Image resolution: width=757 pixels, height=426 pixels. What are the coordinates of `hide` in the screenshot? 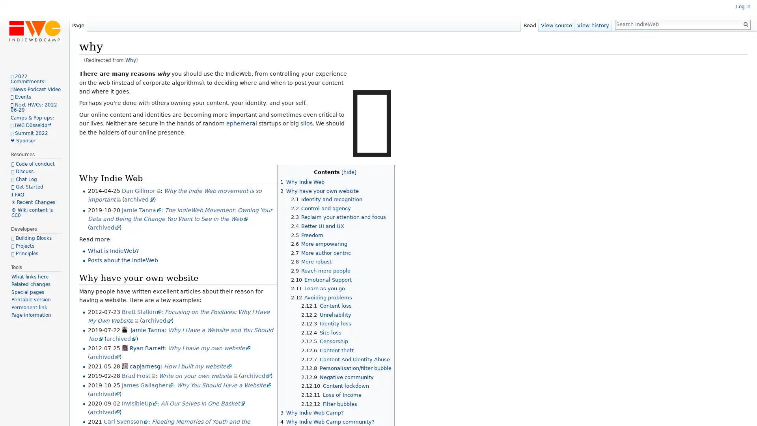 It's located at (348, 172).